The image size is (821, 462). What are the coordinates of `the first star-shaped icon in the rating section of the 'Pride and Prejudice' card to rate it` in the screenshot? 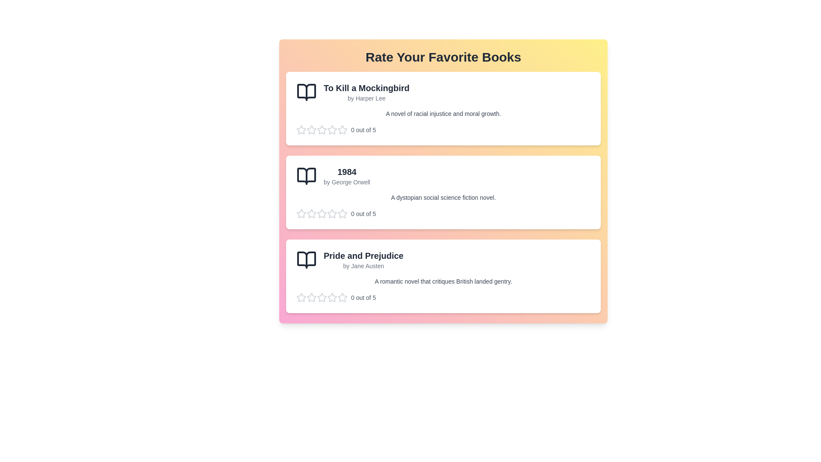 It's located at (332, 297).